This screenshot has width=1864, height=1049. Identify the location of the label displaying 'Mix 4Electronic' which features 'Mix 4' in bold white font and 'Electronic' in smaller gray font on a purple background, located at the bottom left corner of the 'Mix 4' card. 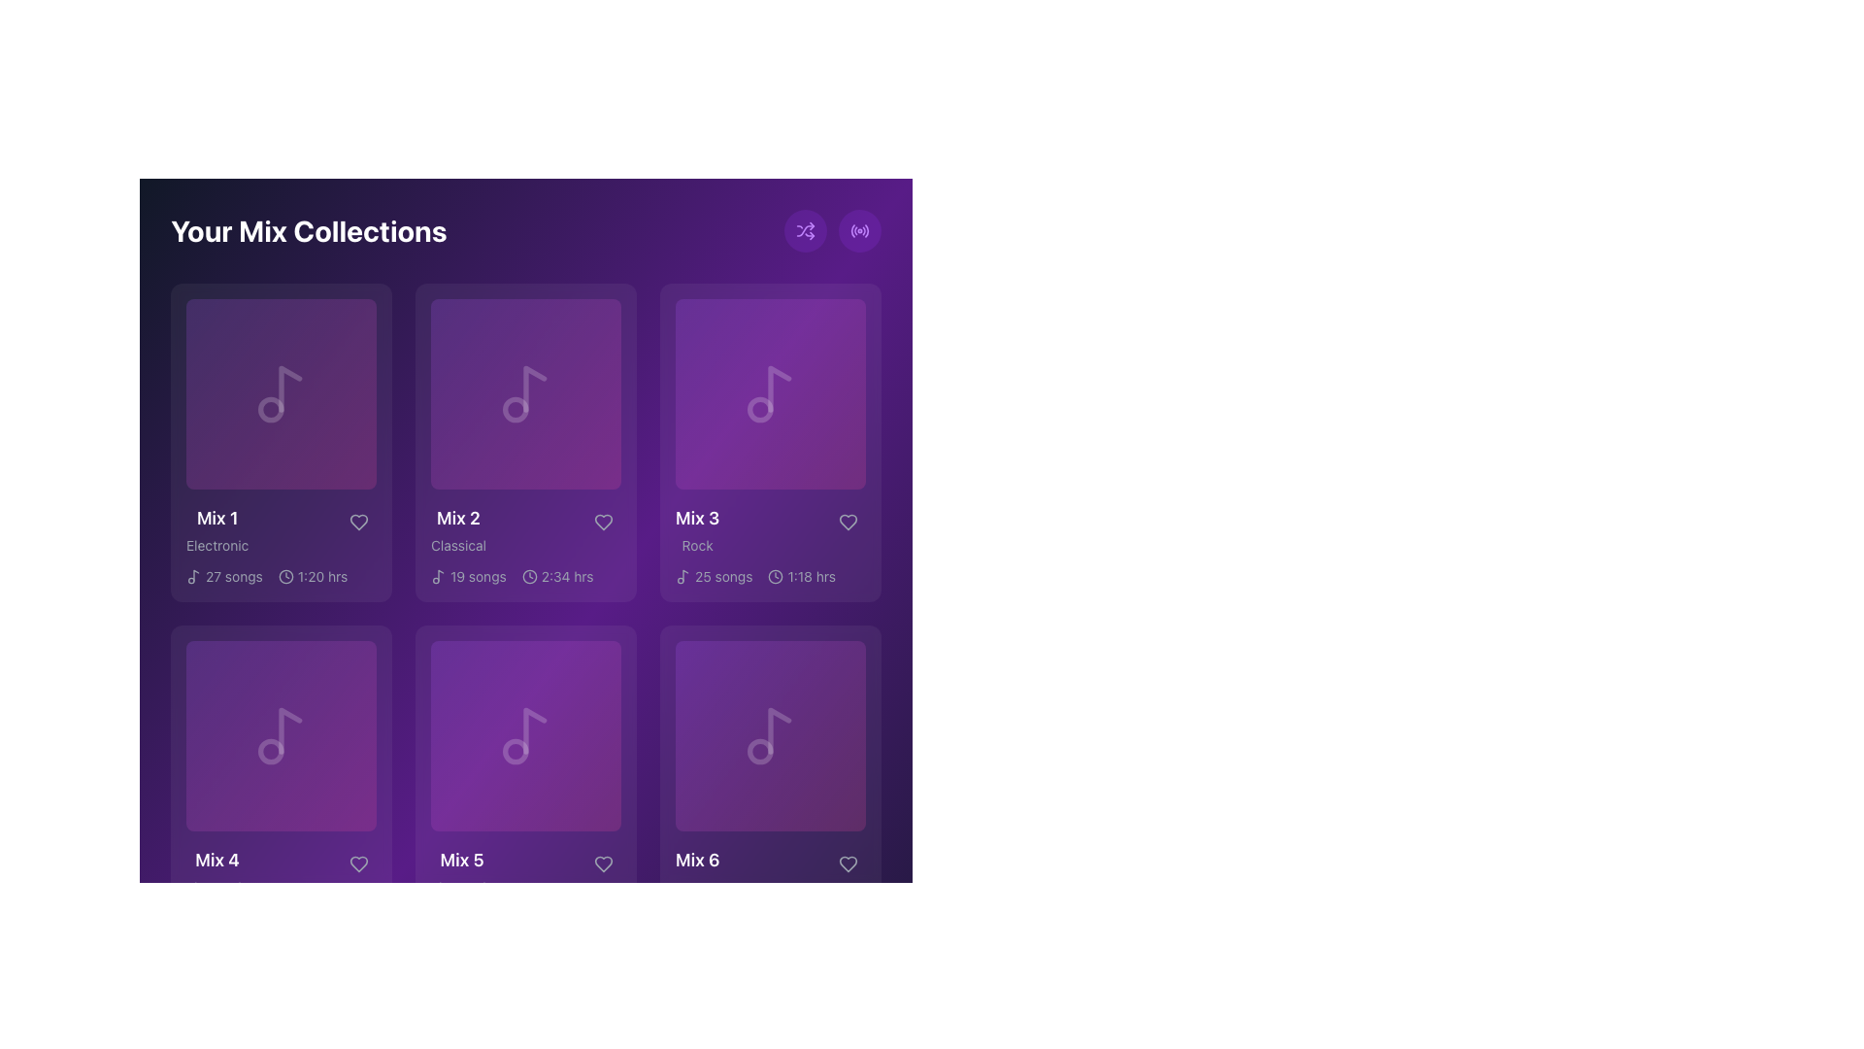
(217, 871).